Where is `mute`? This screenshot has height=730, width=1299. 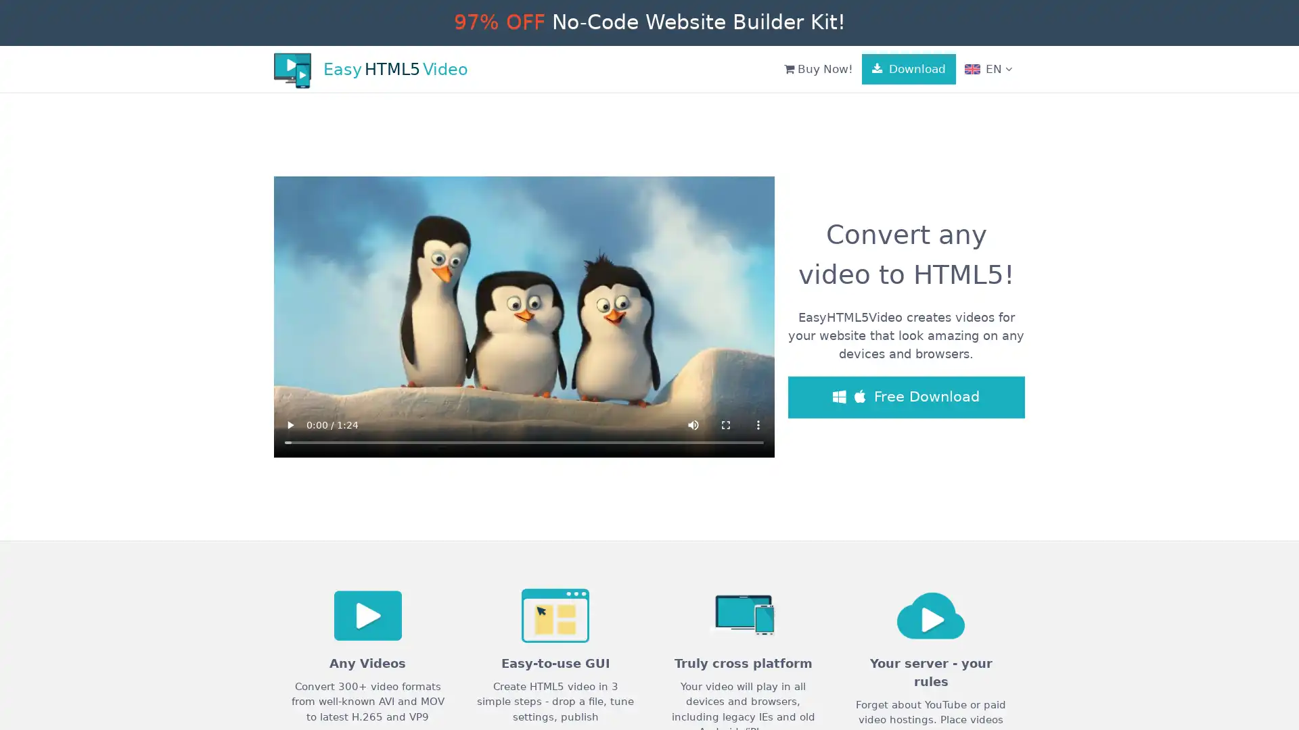 mute is located at coordinates (693, 424).